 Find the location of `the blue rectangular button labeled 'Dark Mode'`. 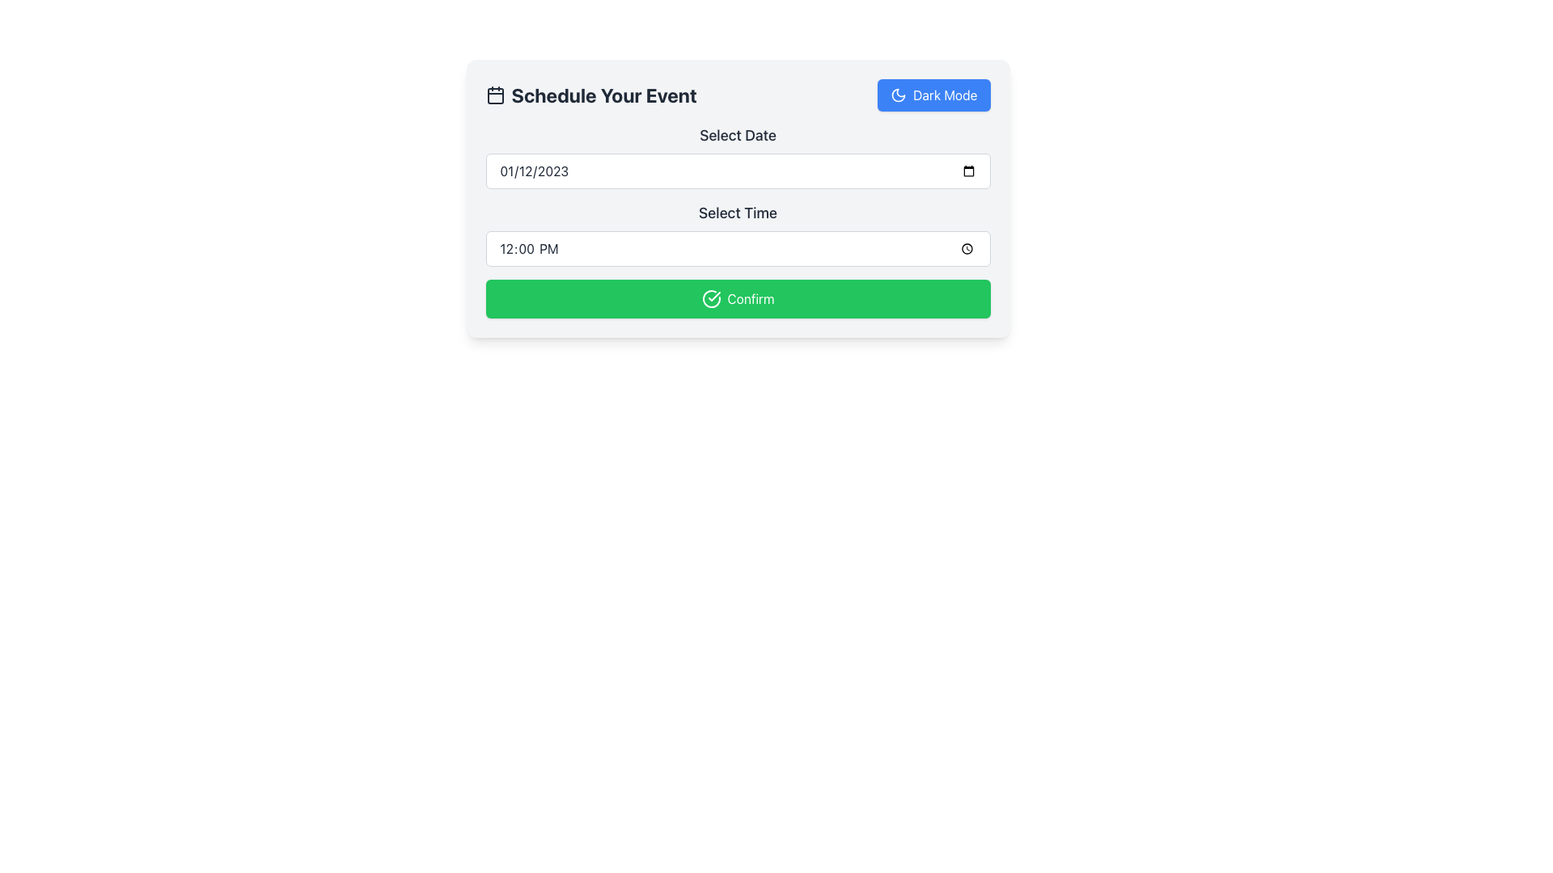

the blue rectangular button labeled 'Dark Mode' is located at coordinates (898, 95).